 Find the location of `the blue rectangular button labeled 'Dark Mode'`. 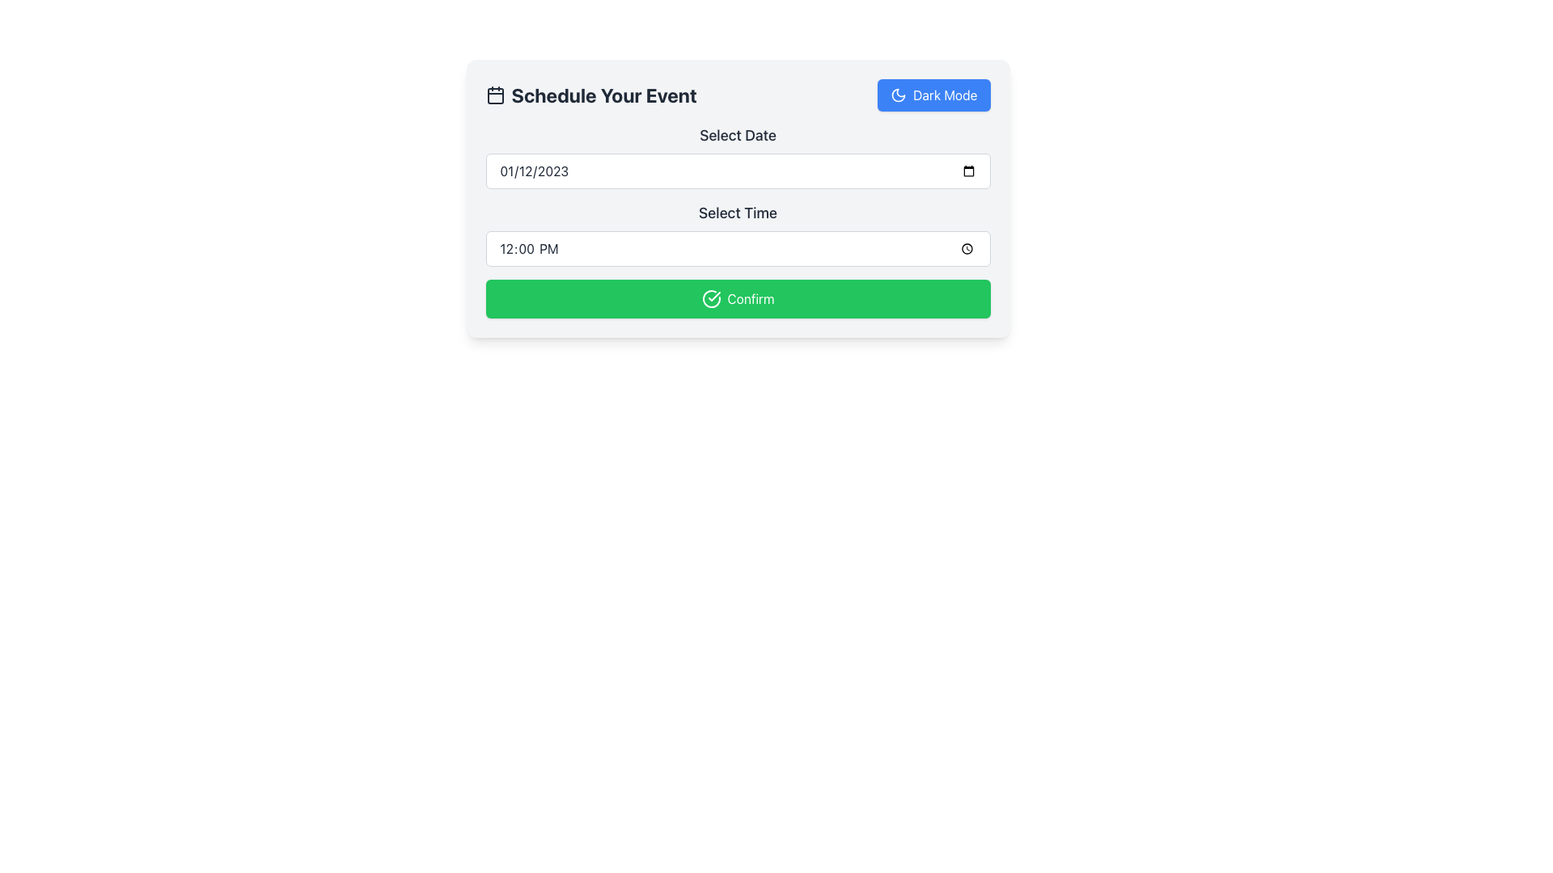

the blue rectangular button labeled 'Dark Mode' is located at coordinates (898, 95).